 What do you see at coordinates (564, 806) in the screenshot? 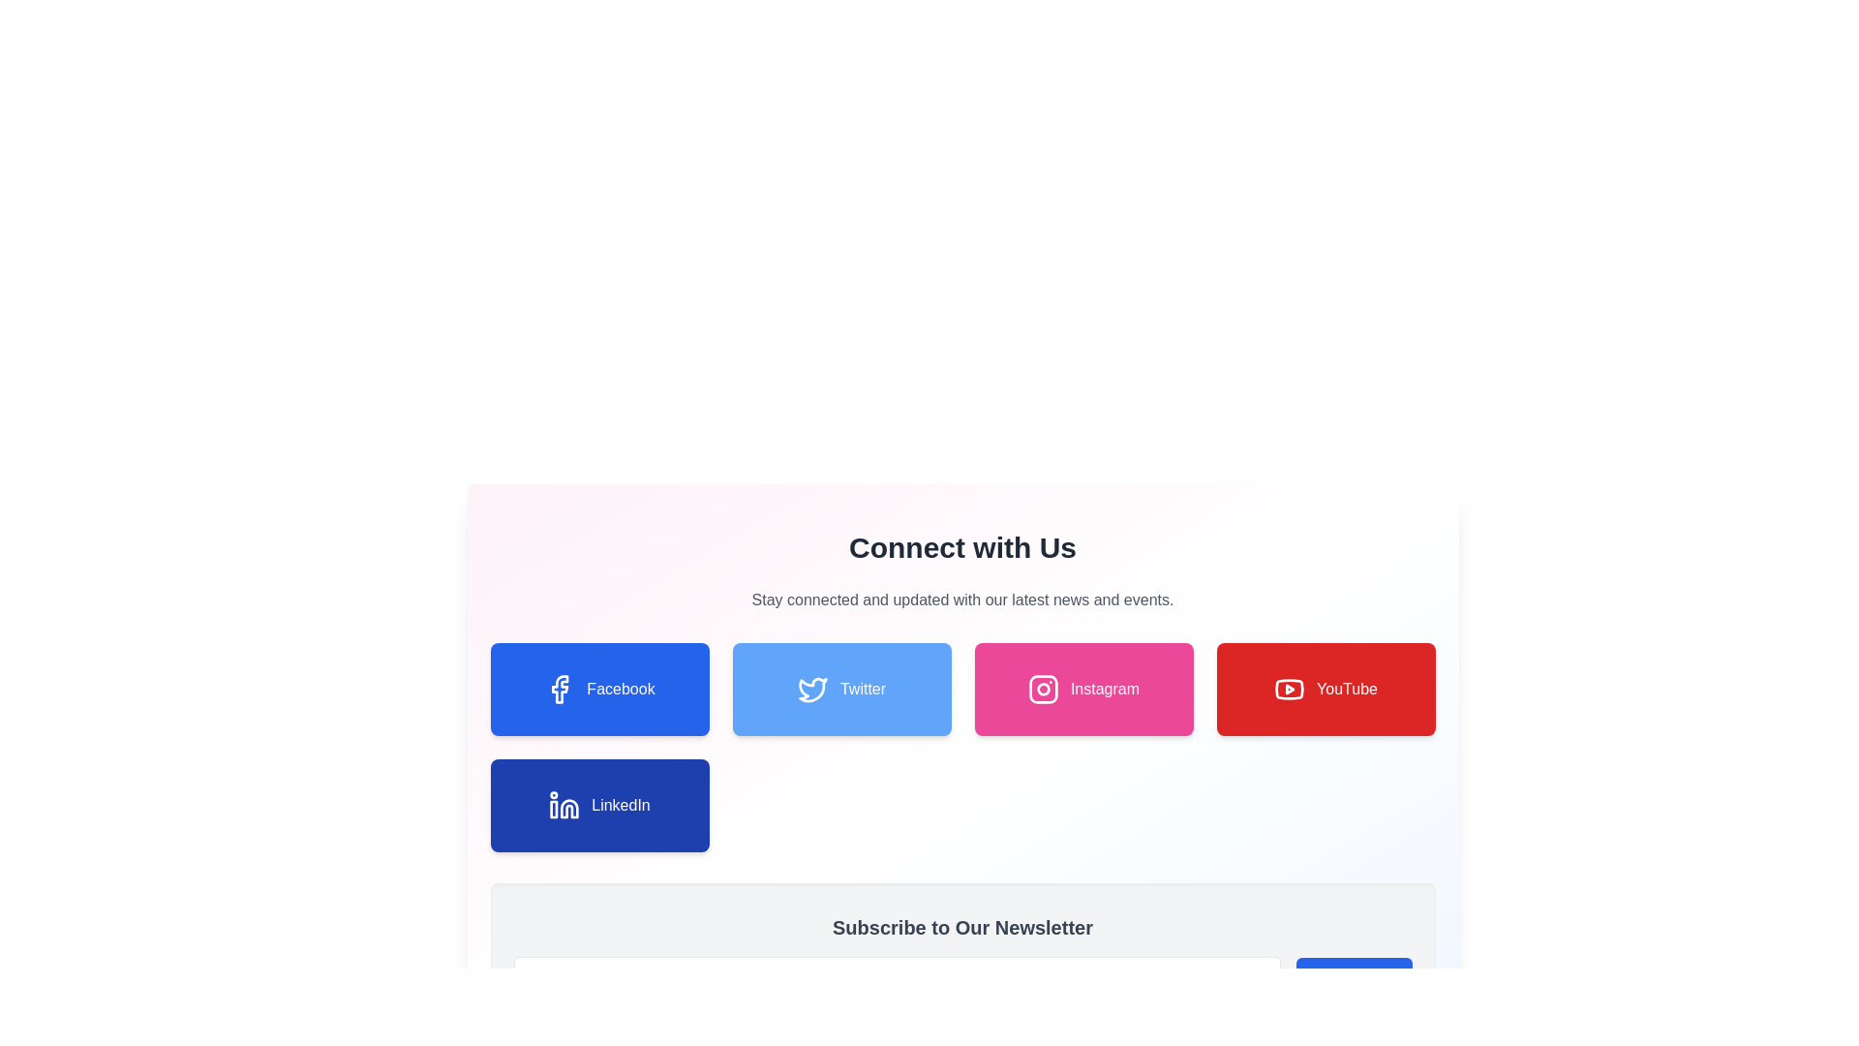
I see `the LinkedIn icon, which is part of a blue button above the text 'LinkedIn' in the second row of the grid layout` at bounding box center [564, 806].